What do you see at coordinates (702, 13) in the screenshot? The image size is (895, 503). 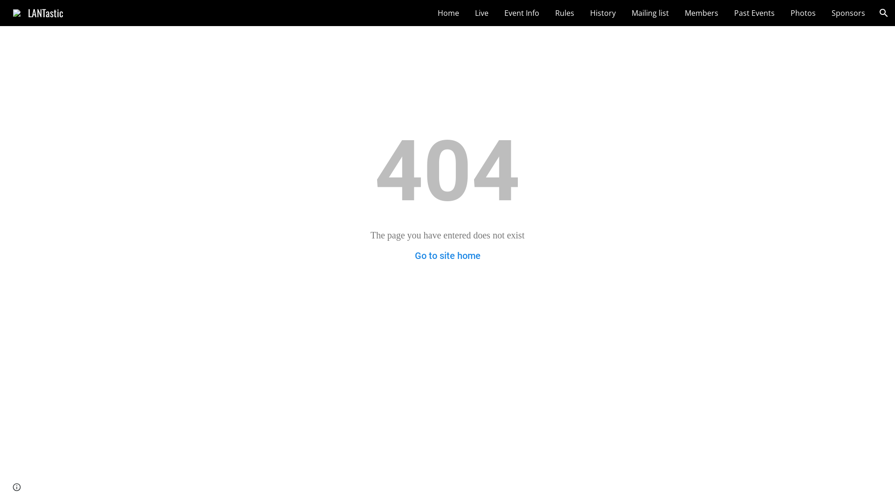 I see `'Members'` at bounding box center [702, 13].